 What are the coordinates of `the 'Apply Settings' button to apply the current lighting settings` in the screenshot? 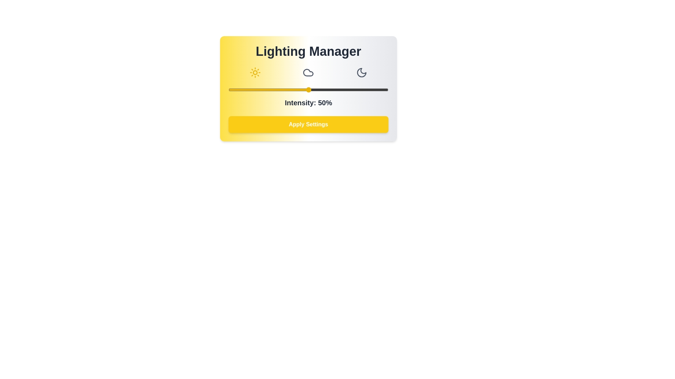 It's located at (308, 124).